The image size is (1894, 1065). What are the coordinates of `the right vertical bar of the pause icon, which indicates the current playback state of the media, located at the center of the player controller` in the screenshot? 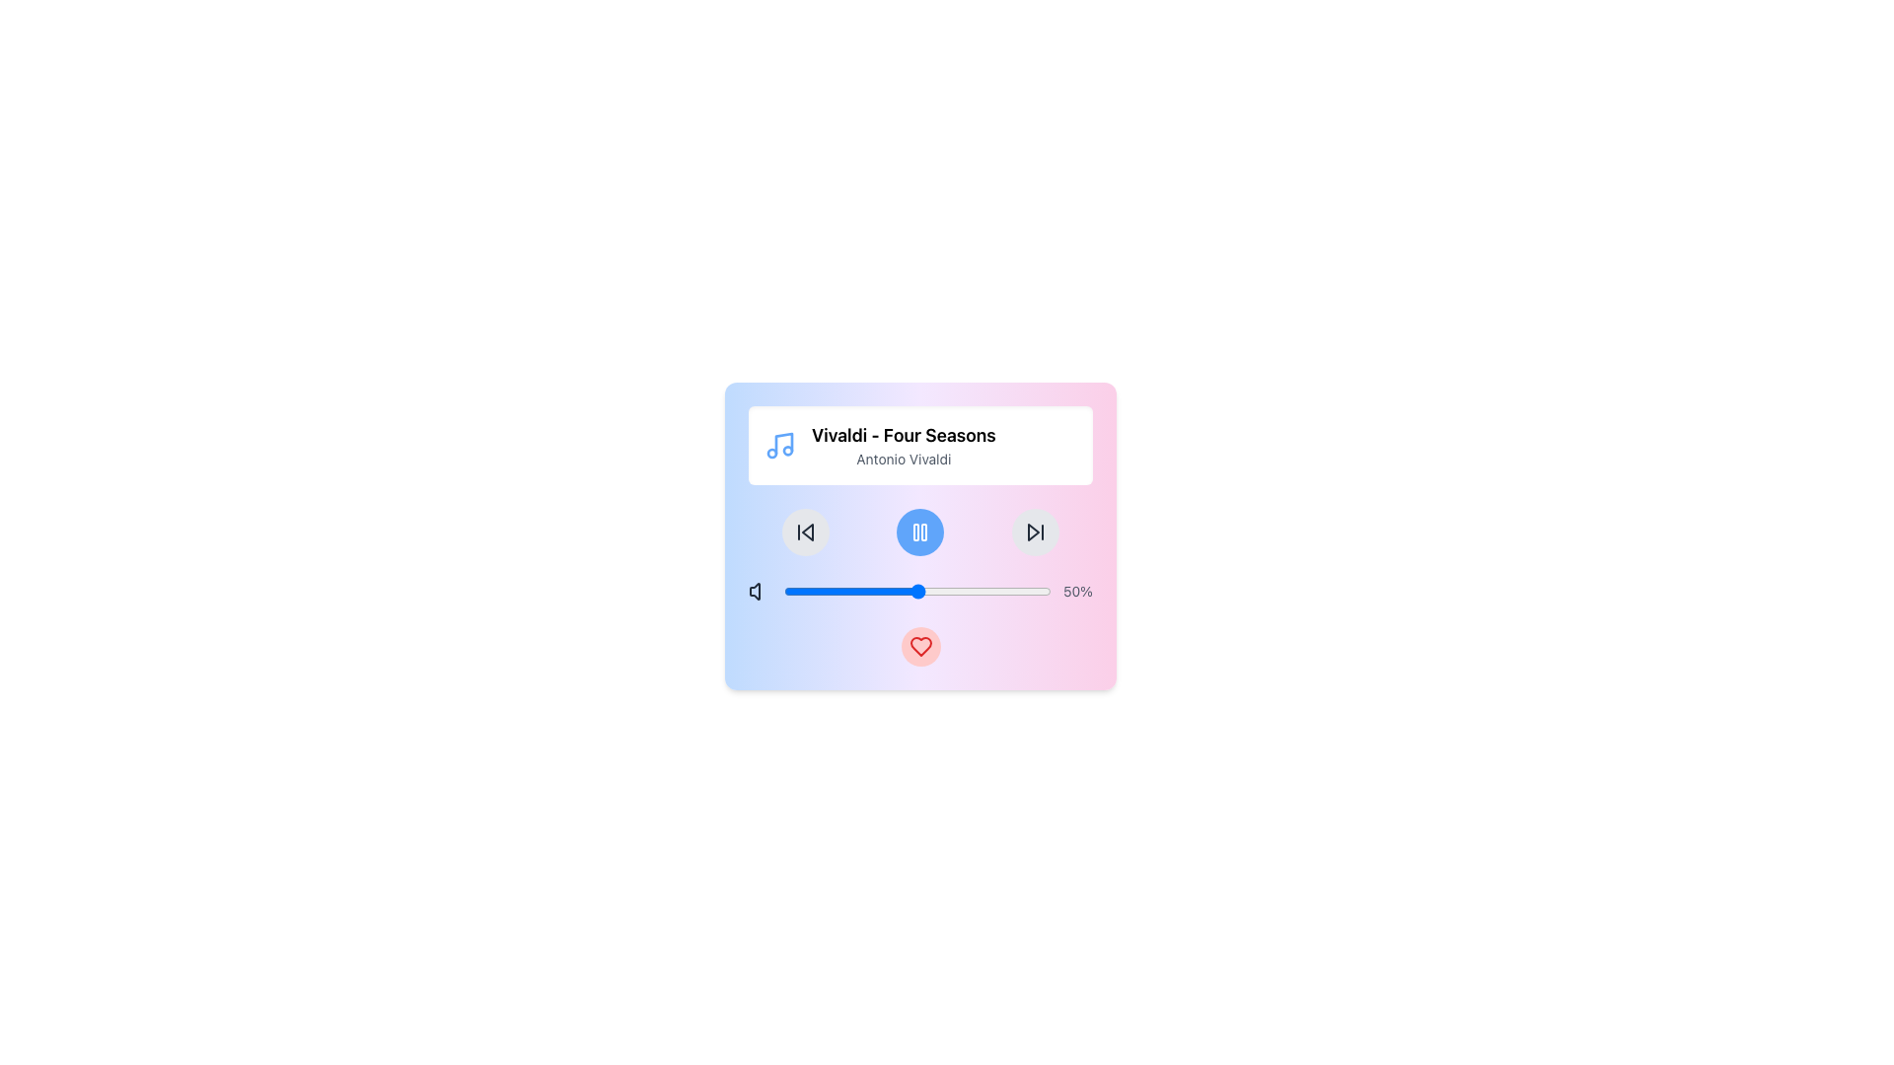 It's located at (923, 532).